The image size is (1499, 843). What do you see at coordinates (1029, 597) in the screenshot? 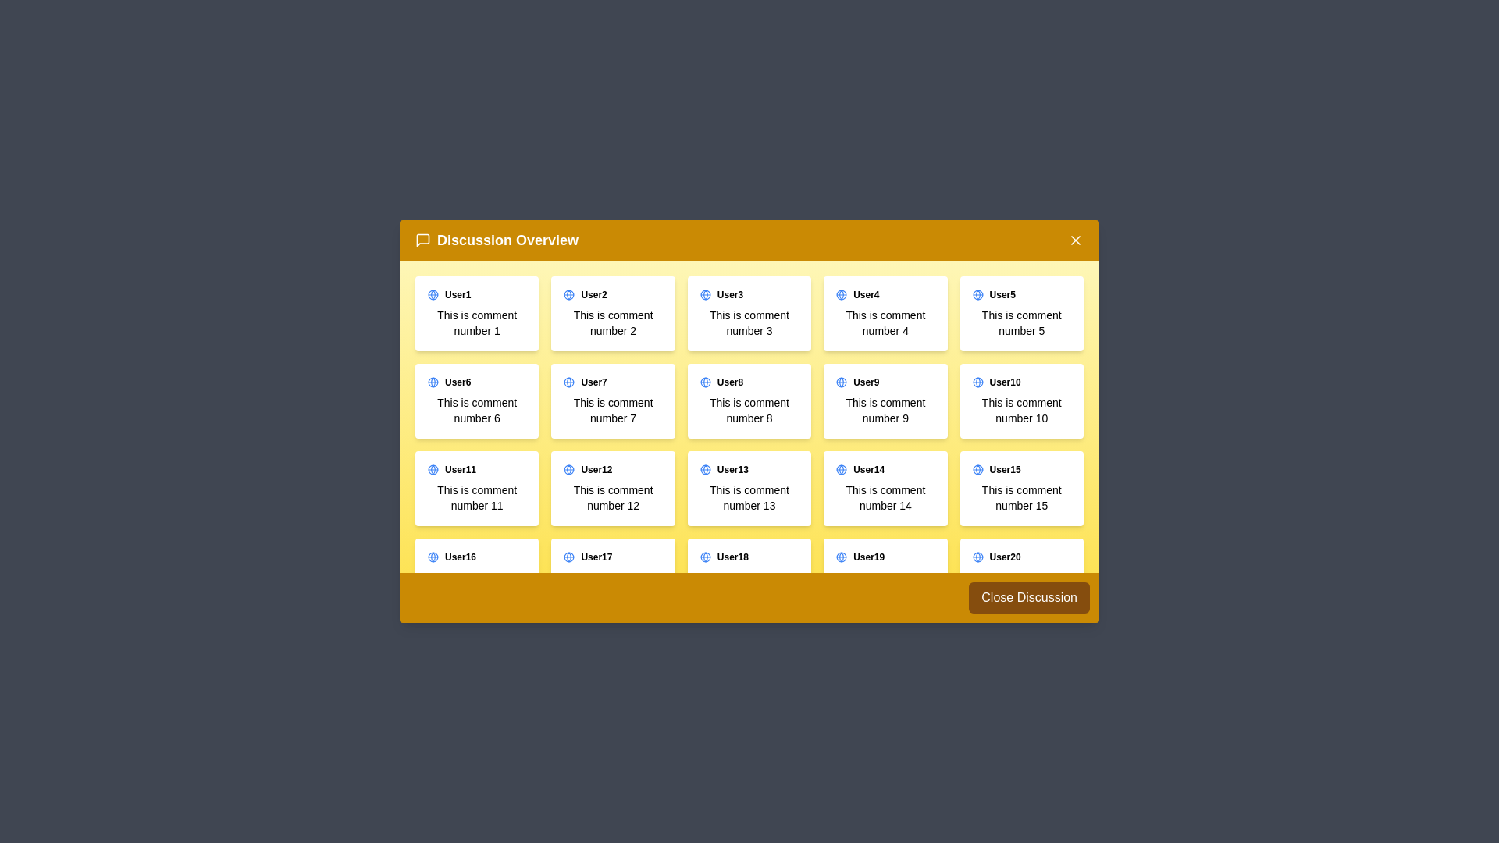
I see `the 'Close Discussion' button to close the modal` at bounding box center [1029, 597].